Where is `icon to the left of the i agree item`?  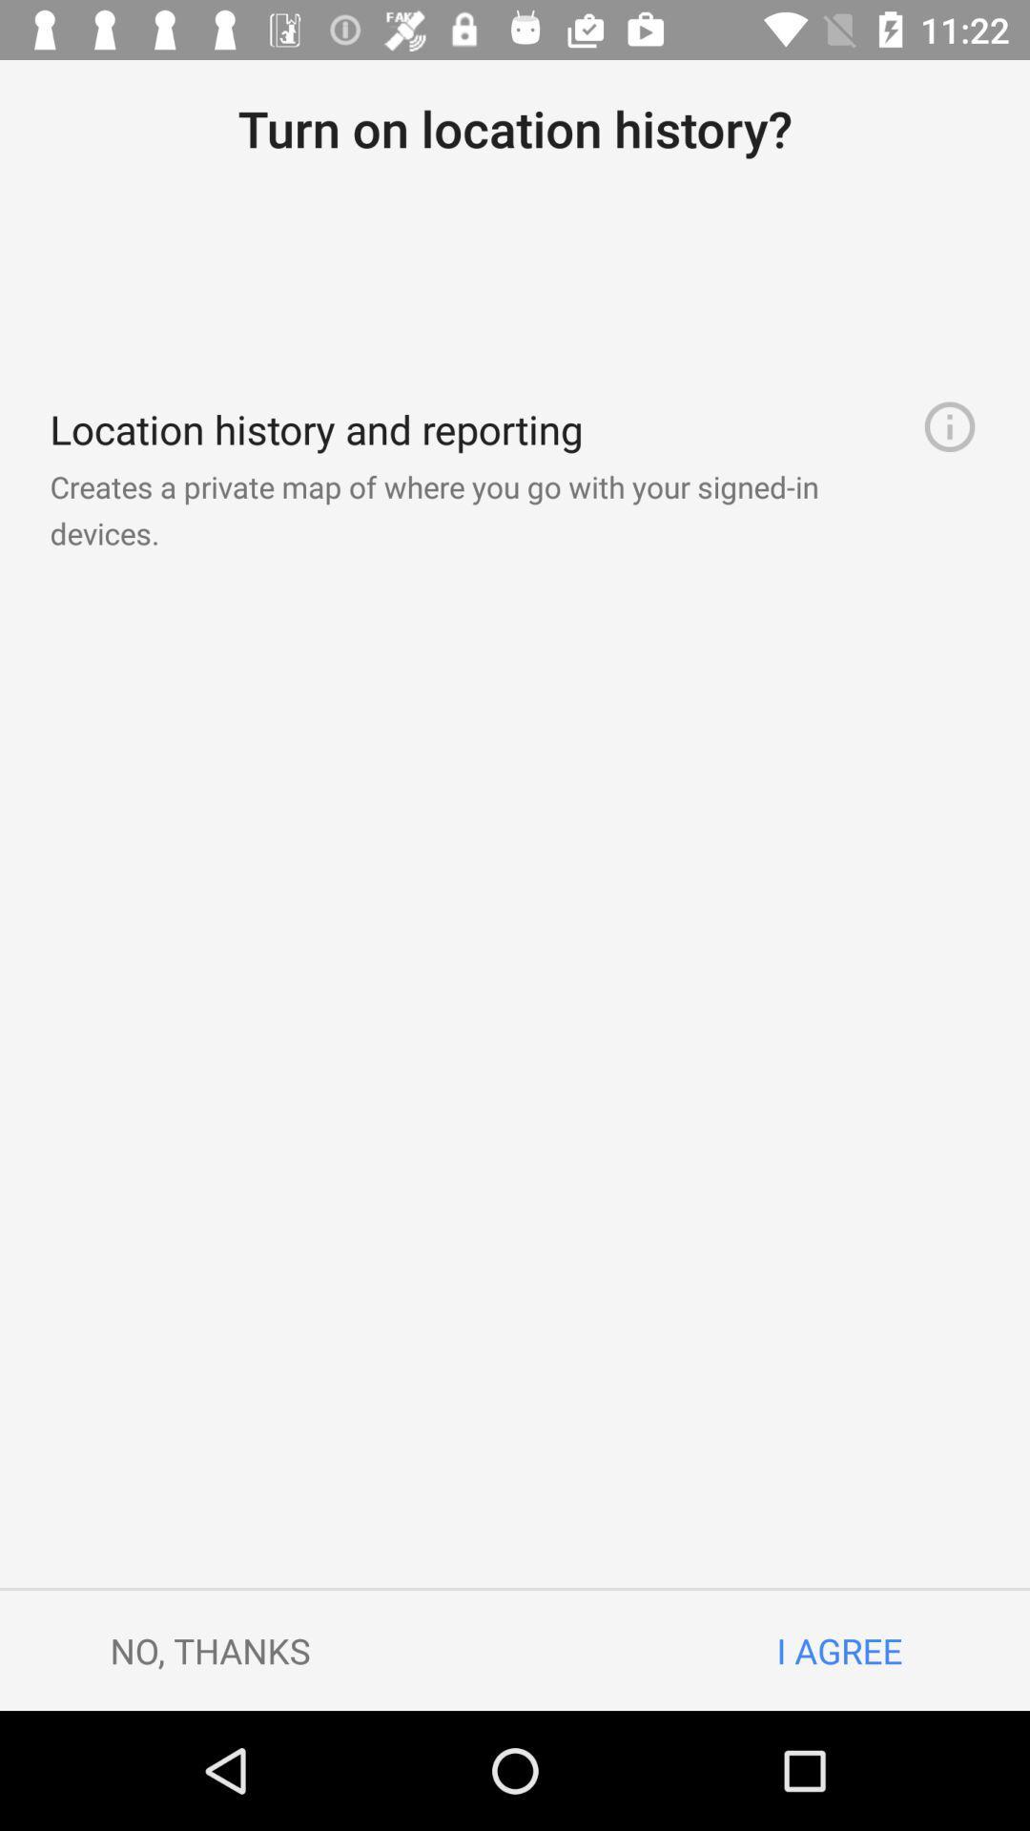 icon to the left of the i agree item is located at coordinates (210, 1650).